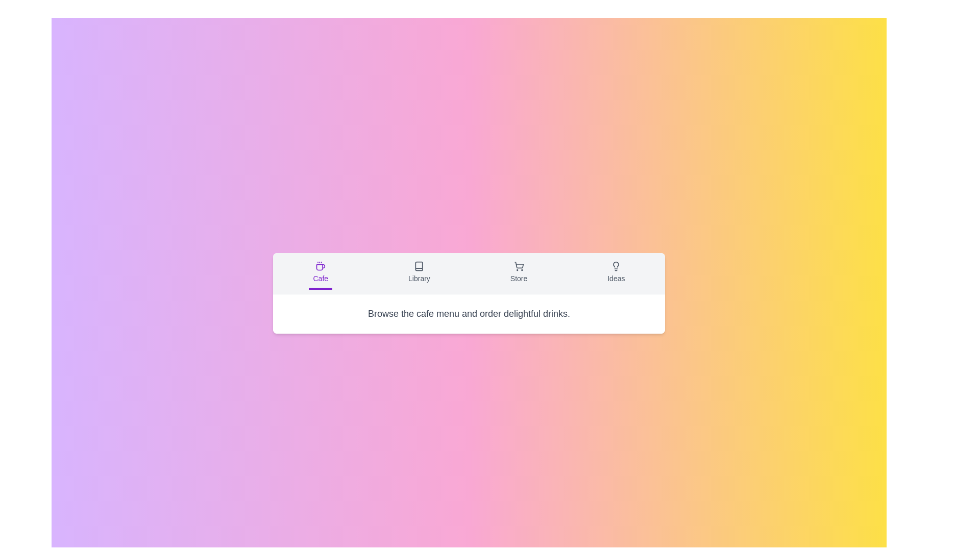  I want to click on the 'Ideas' button with a lightbulb icon in the navigation bar, so click(616, 272).